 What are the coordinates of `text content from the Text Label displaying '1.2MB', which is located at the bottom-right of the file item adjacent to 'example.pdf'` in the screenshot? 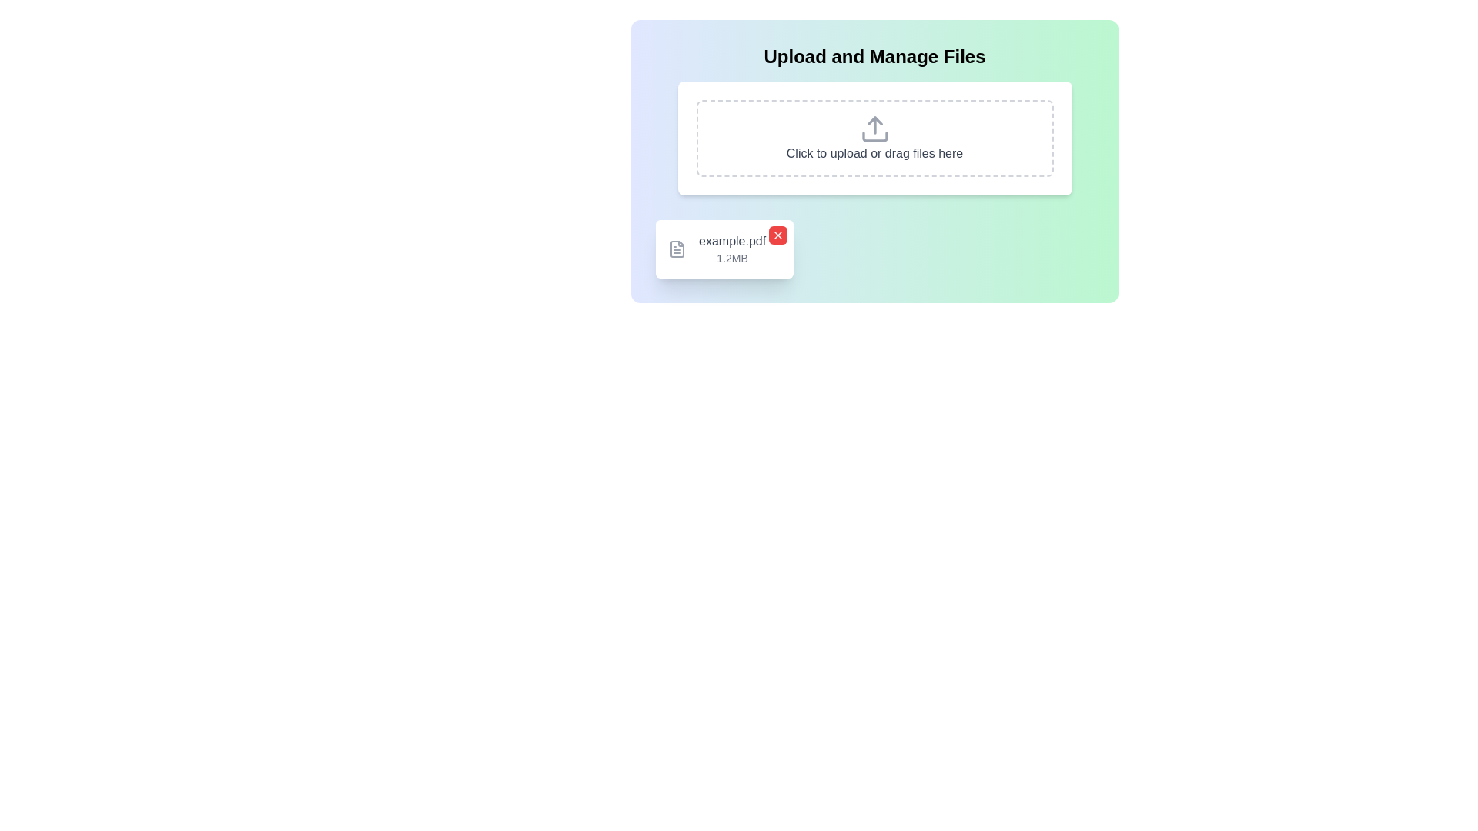 It's located at (731, 257).